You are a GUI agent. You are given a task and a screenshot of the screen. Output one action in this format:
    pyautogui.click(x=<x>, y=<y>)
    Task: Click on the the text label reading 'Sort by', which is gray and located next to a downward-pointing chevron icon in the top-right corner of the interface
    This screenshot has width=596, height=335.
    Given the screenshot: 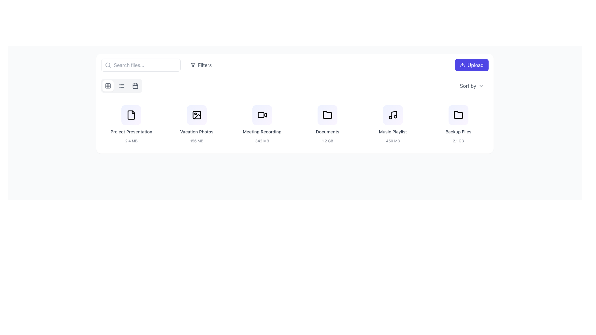 What is the action you would take?
    pyautogui.click(x=468, y=86)
    